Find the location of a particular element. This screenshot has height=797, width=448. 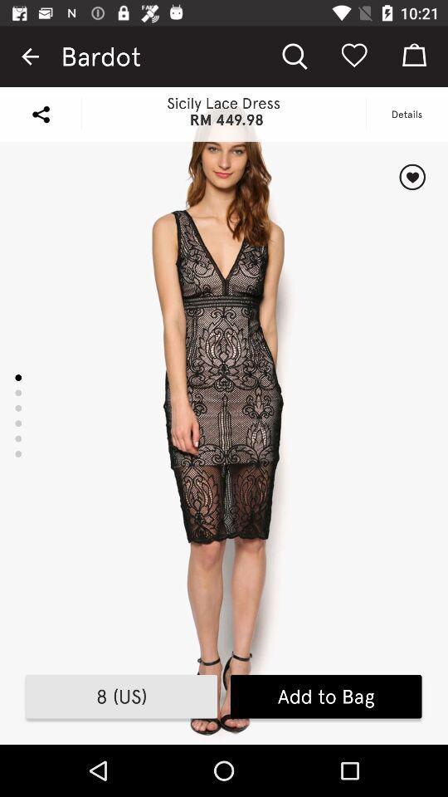

like/favorite item is located at coordinates (411, 177).